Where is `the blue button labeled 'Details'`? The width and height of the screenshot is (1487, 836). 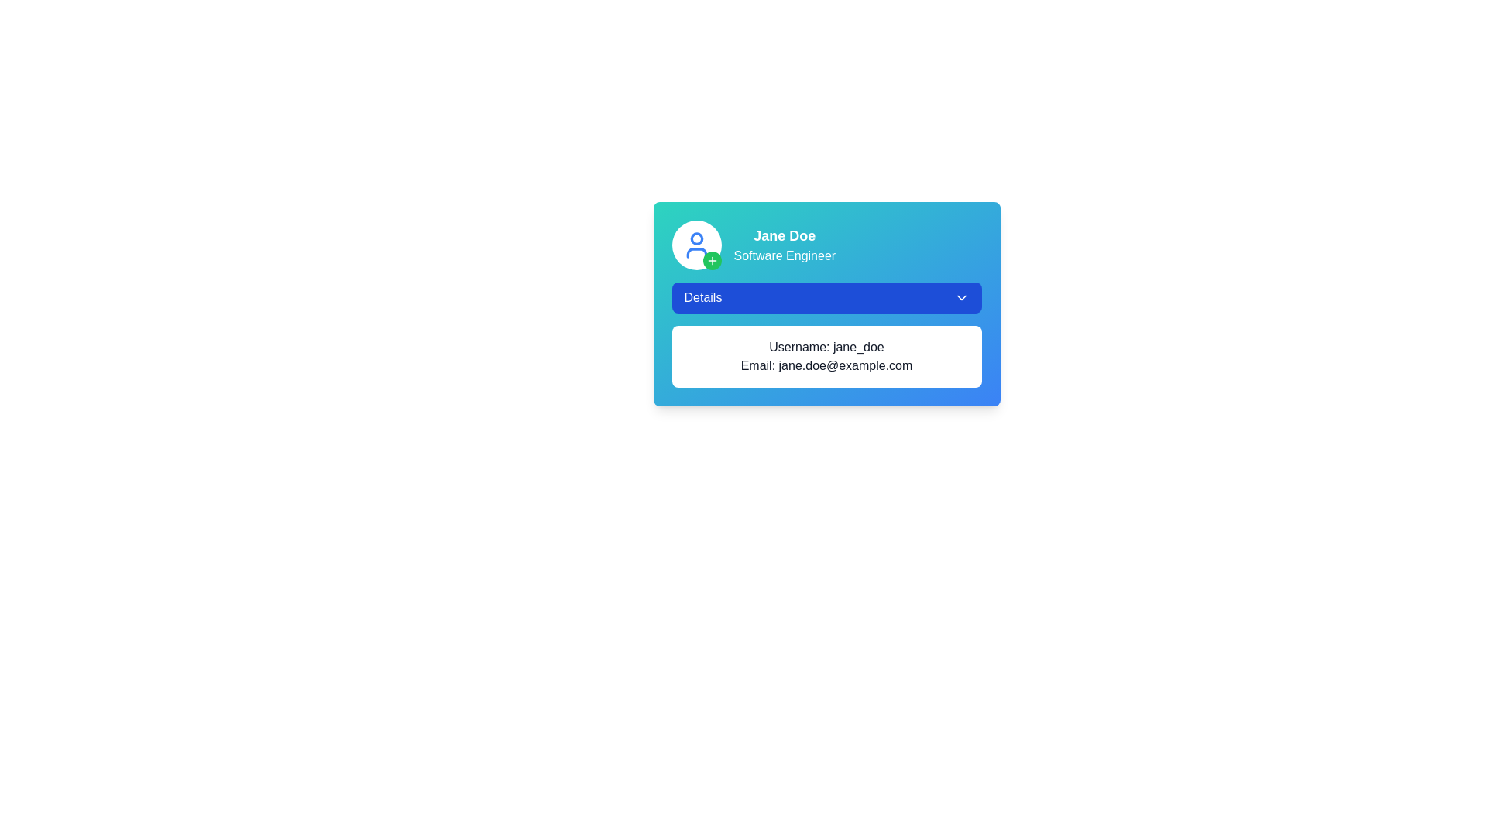 the blue button labeled 'Details' is located at coordinates (826, 298).